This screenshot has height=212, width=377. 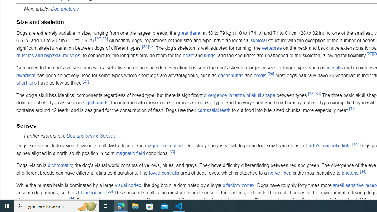 What do you see at coordinates (164, 173) in the screenshot?
I see `'fovea centralis'` at bounding box center [164, 173].